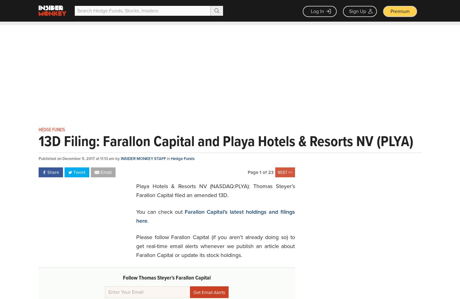  Describe the element at coordinates (53, 172) in the screenshot. I see `'Share'` at that location.